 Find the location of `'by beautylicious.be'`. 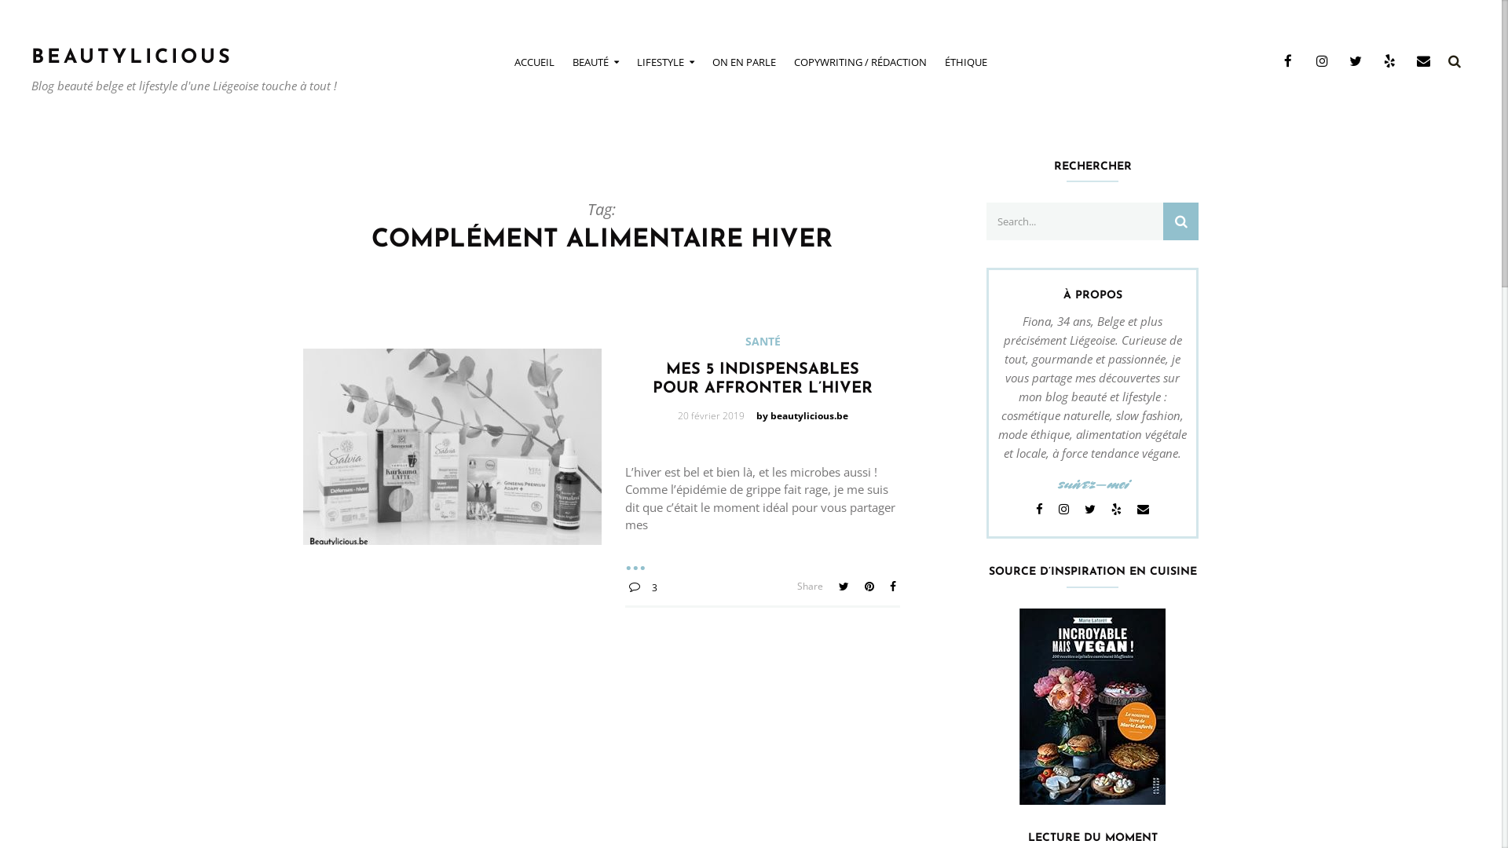

'by beautylicious.be' is located at coordinates (802, 415).